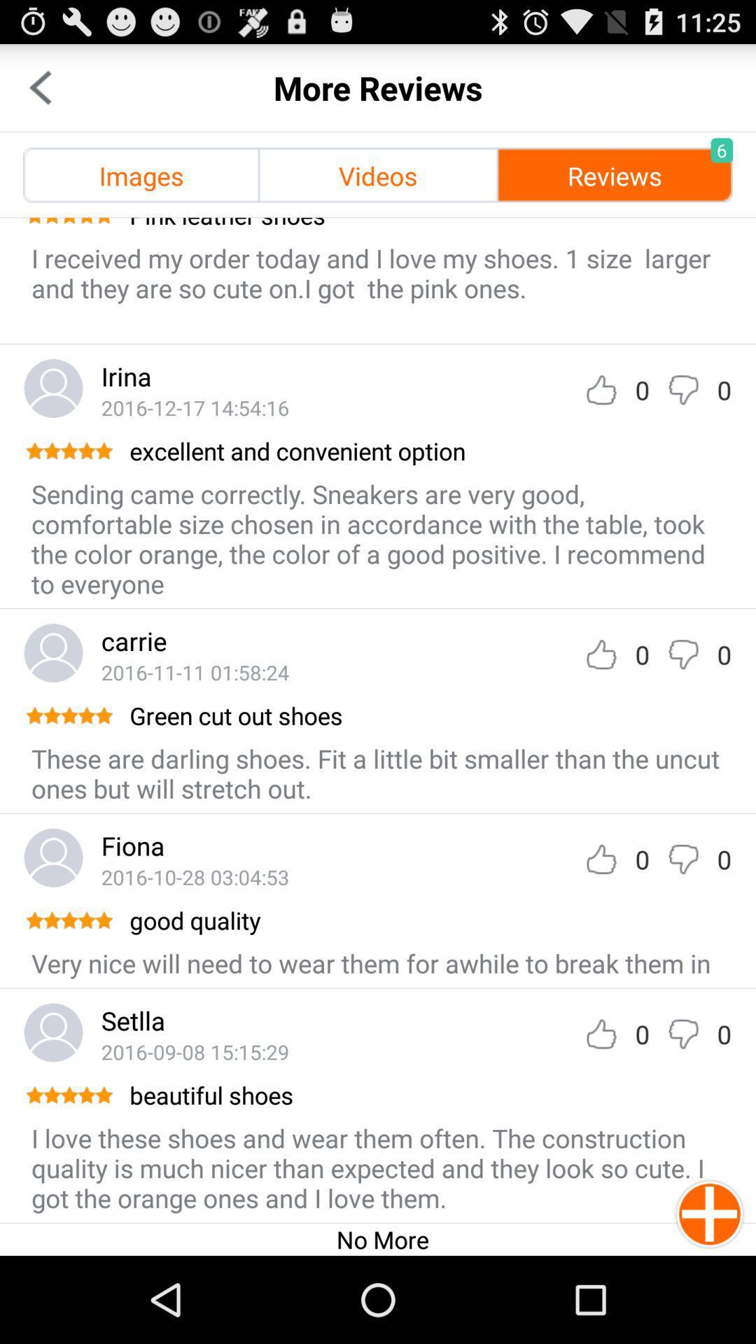 This screenshot has width=756, height=1344. What do you see at coordinates (370, 962) in the screenshot?
I see `app below the good quality app` at bounding box center [370, 962].